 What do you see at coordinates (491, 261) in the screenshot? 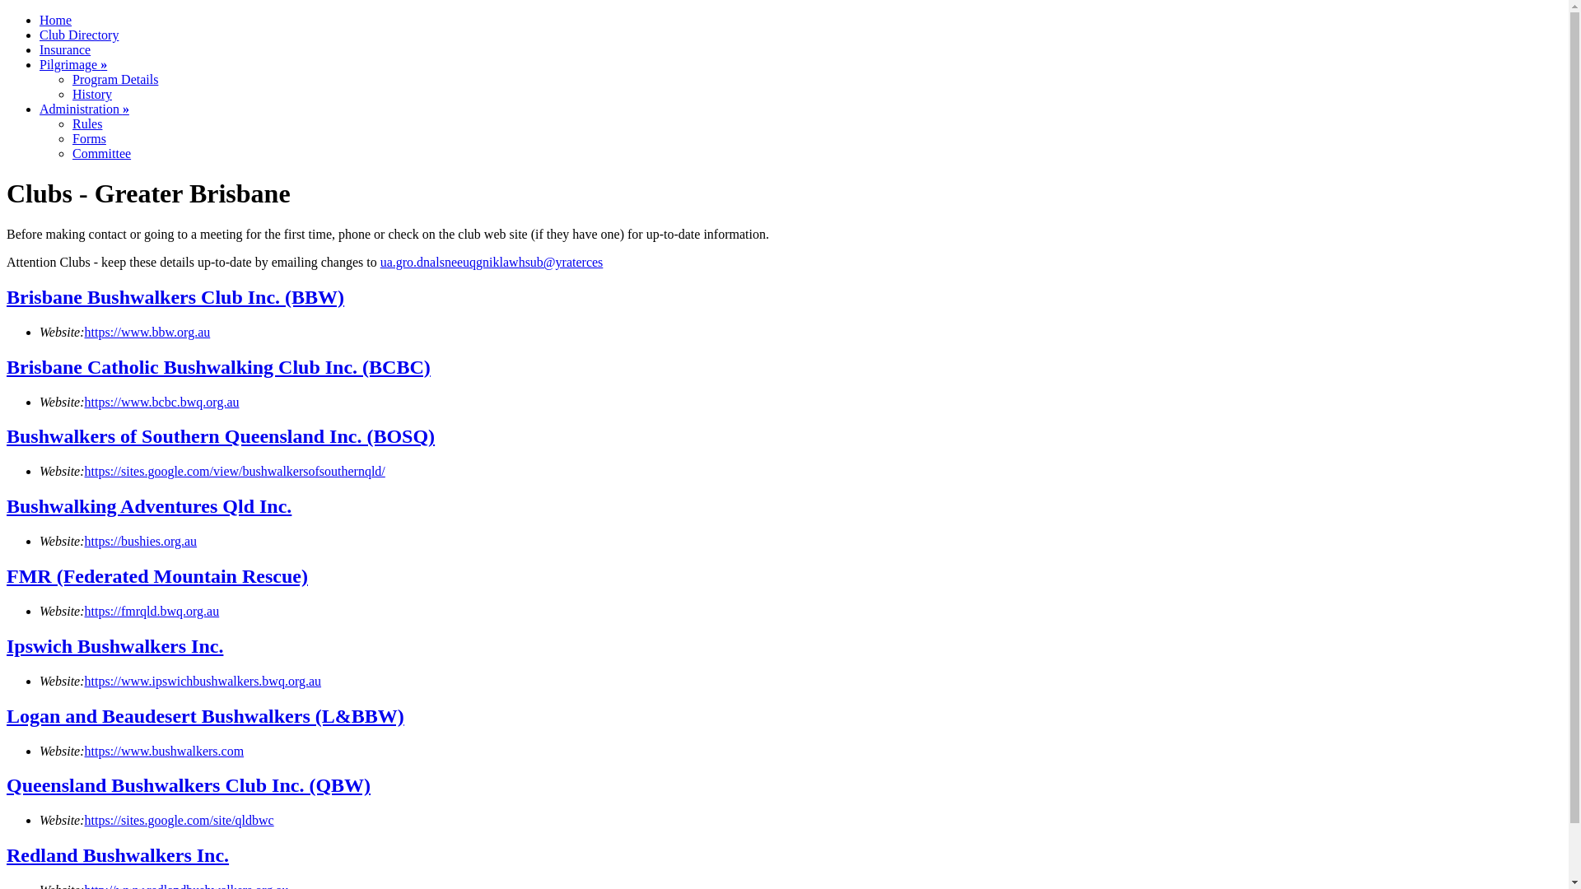
I see `'ua.gro.dnalsneeuqgniklawhsub@yraterces'` at bounding box center [491, 261].